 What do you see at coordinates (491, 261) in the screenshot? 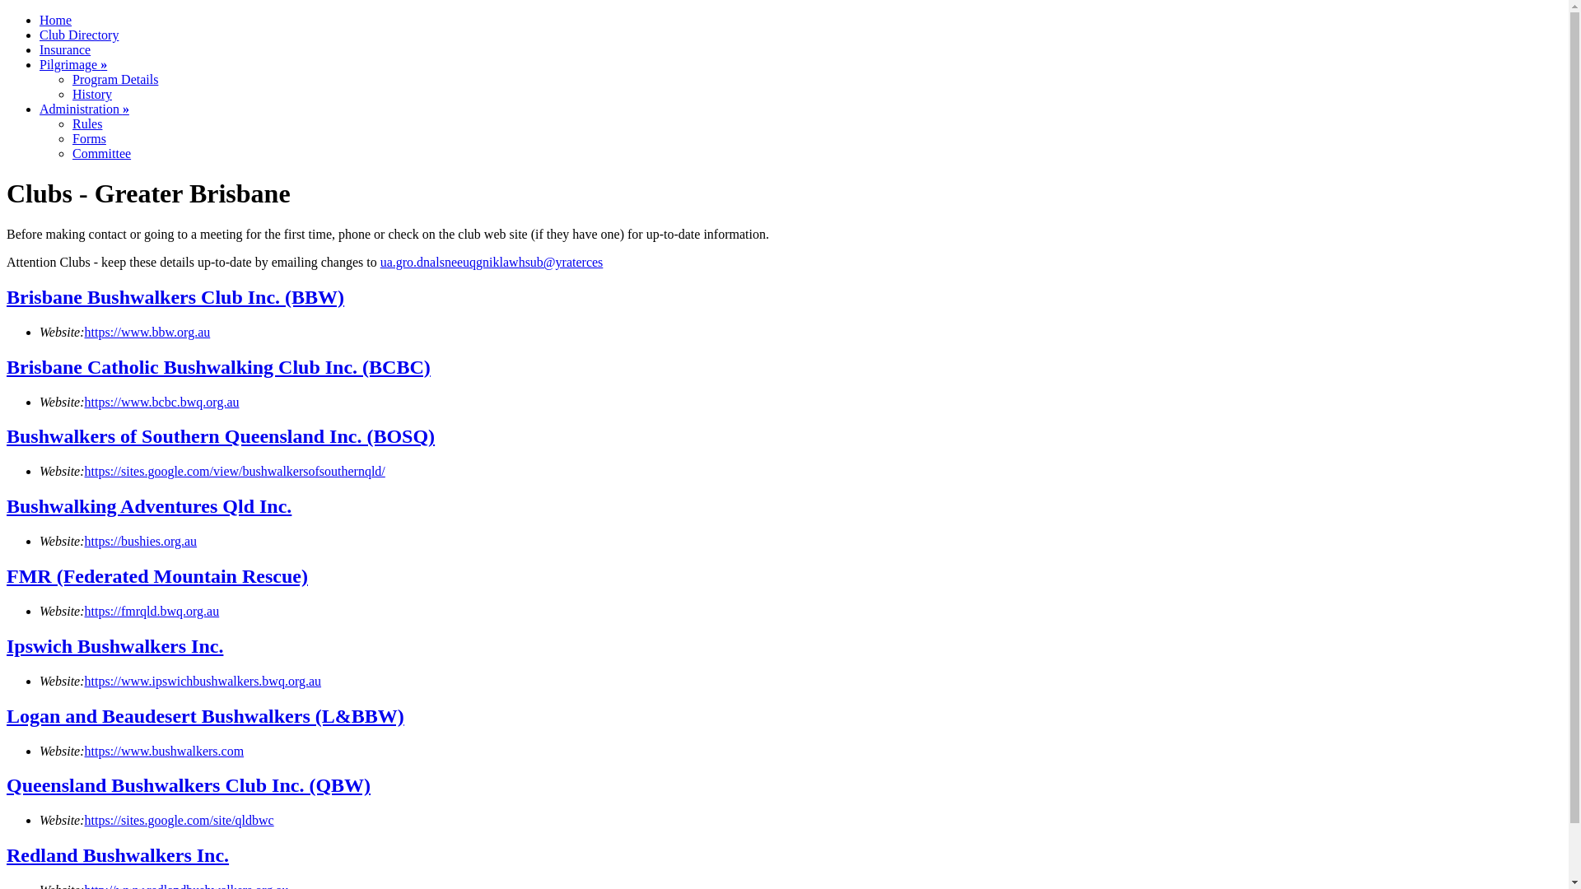
I see `'ua.gro.dnalsneeuqgniklawhsub@yraterces'` at bounding box center [491, 261].